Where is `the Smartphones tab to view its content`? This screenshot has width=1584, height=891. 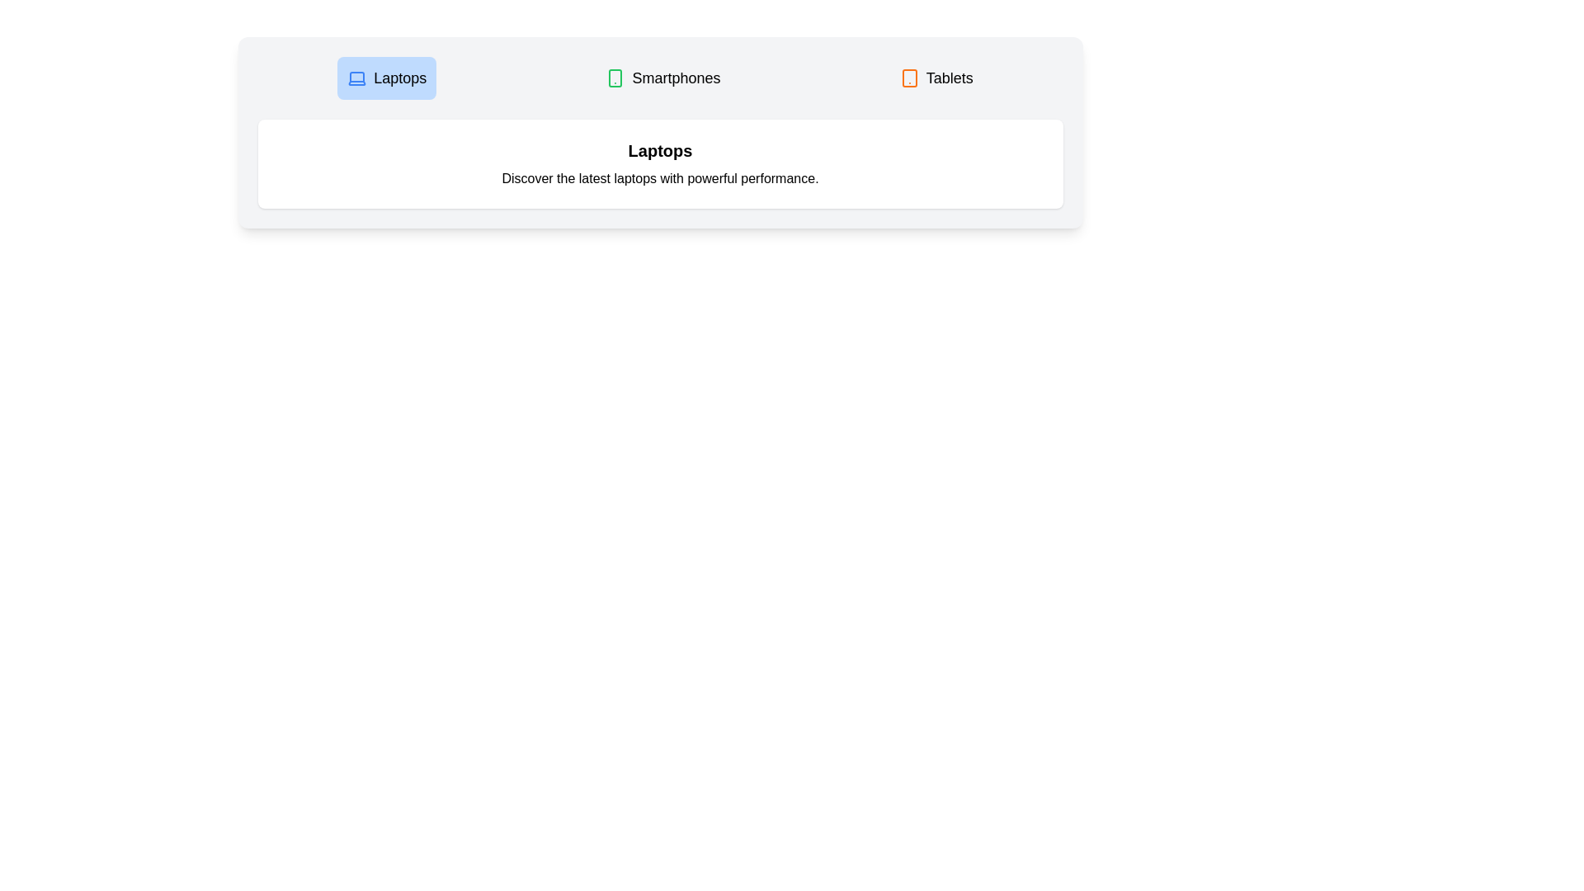 the Smartphones tab to view its content is located at coordinates (663, 78).